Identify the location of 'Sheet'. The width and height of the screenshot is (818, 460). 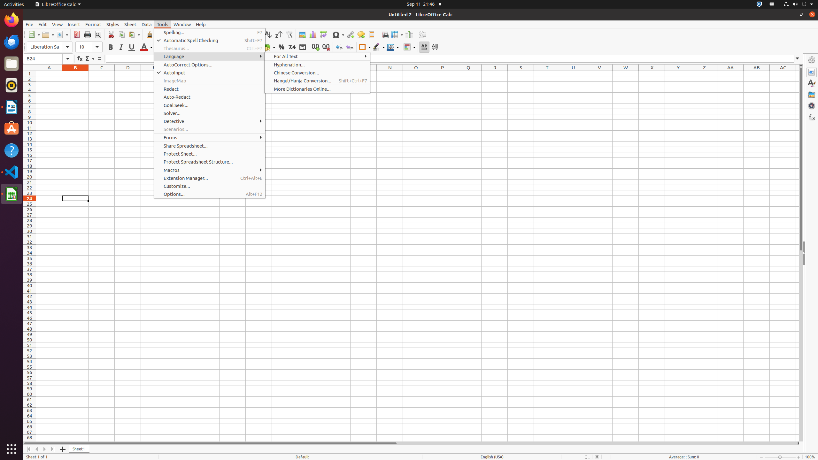
(130, 24).